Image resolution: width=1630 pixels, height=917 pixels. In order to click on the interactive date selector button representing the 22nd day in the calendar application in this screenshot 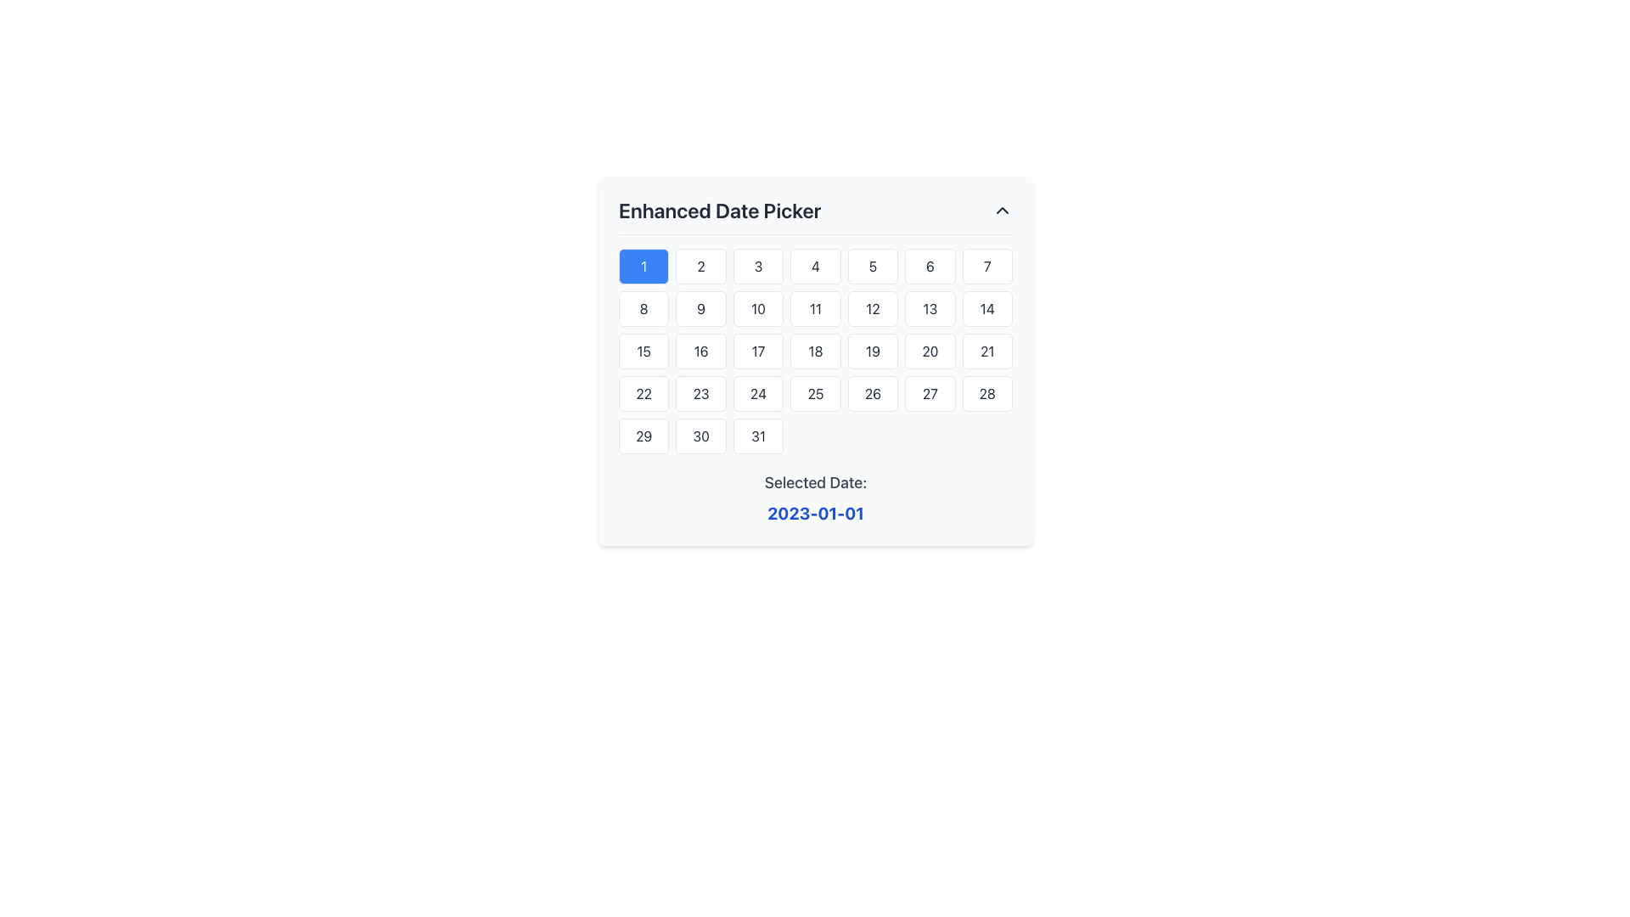, I will do `click(643, 393)`.